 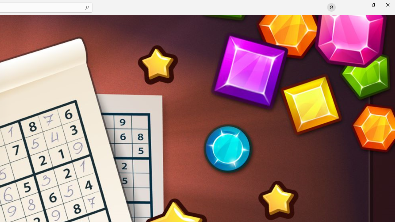 What do you see at coordinates (331, 7) in the screenshot?
I see `'User profile'` at bounding box center [331, 7].